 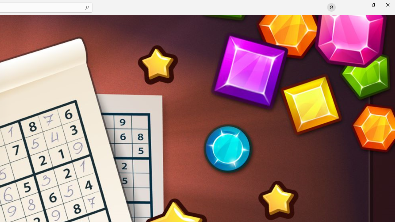 What do you see at coordinates (331, 7) in the screenshot?
I see `'User profile'` at bounding box center [331, 7].